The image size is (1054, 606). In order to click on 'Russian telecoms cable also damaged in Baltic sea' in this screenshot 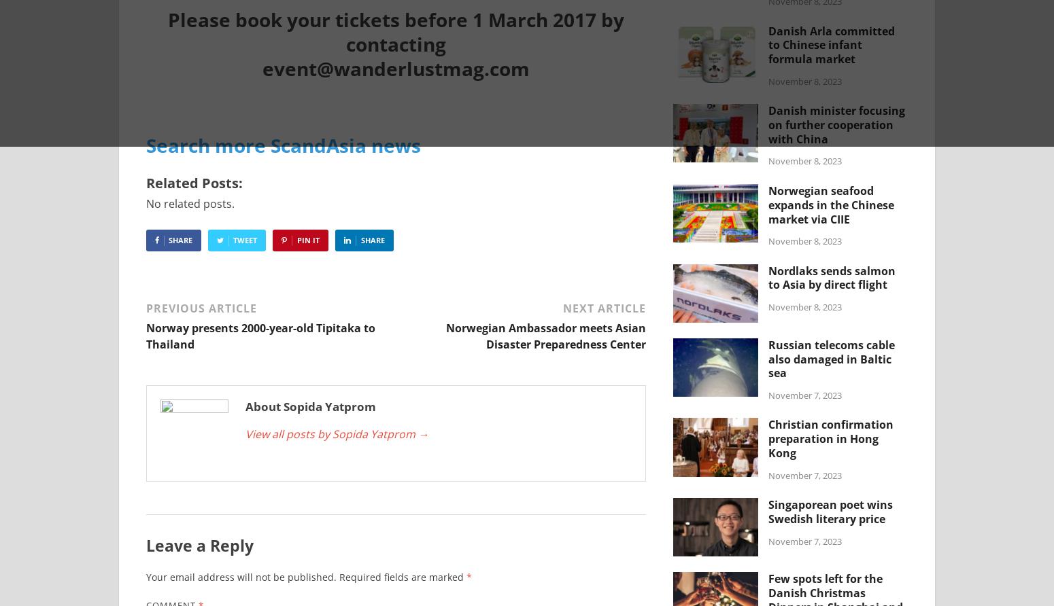, I will do `click(831, 358)`.